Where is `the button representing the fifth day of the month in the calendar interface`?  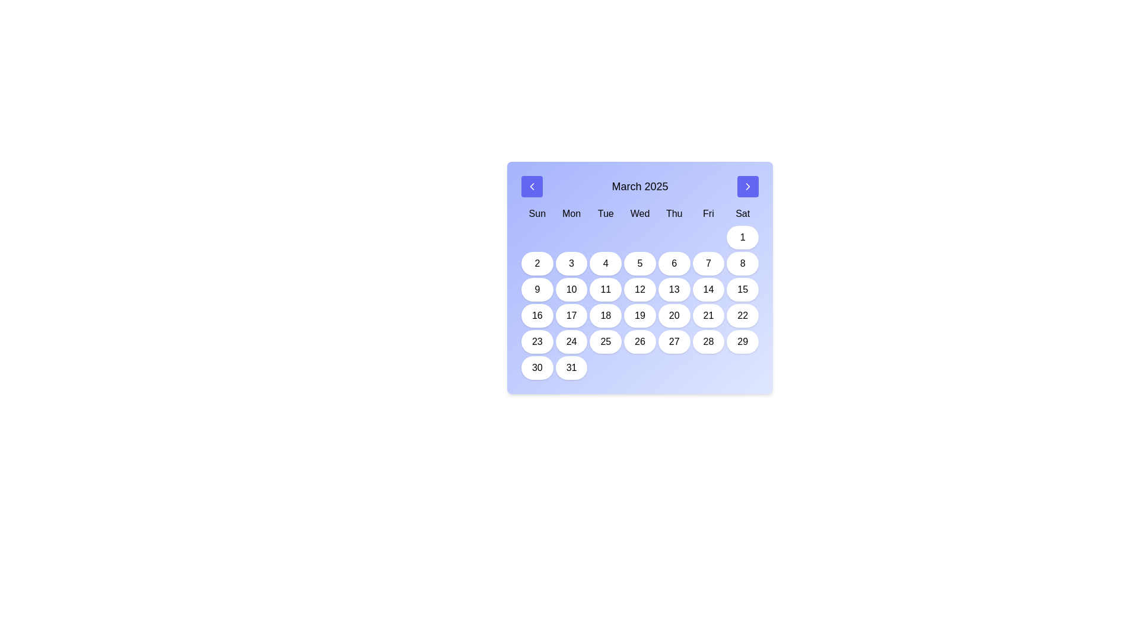
the button representing the fifth day of the month in the calendar interface is located at coordinates (640, 263).